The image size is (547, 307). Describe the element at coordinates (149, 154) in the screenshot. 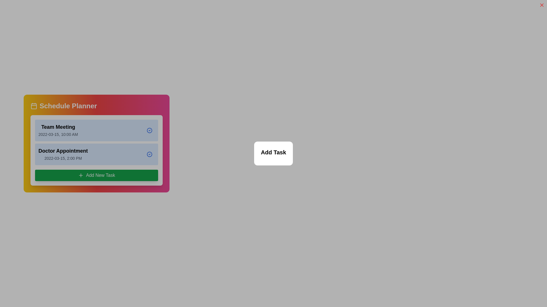

I see `the confirmation button for the 'Doctor Appointment' event to change its style` at that location.